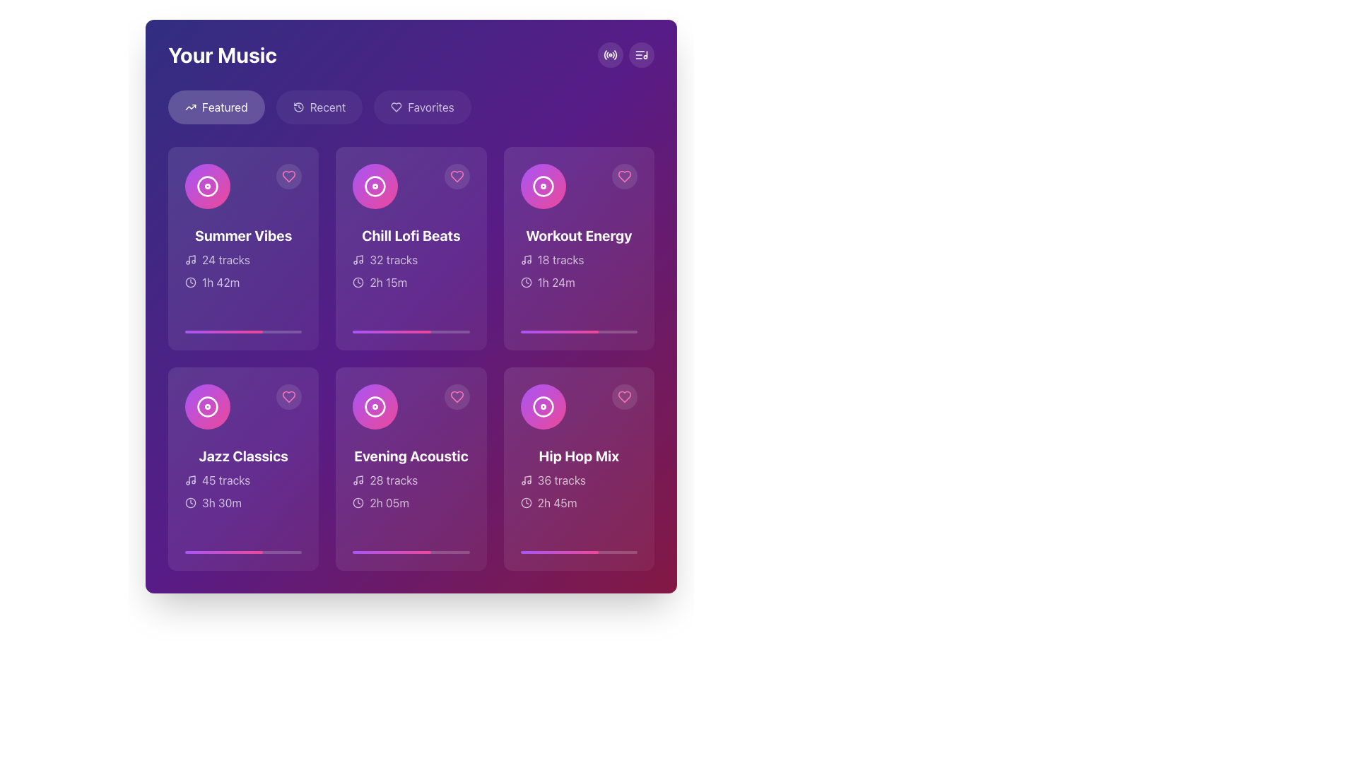  I want to click on the favorite button located at the top-right corner of the 'Workout Energy' card in the 'Your Music' interface, so click(623, 176).